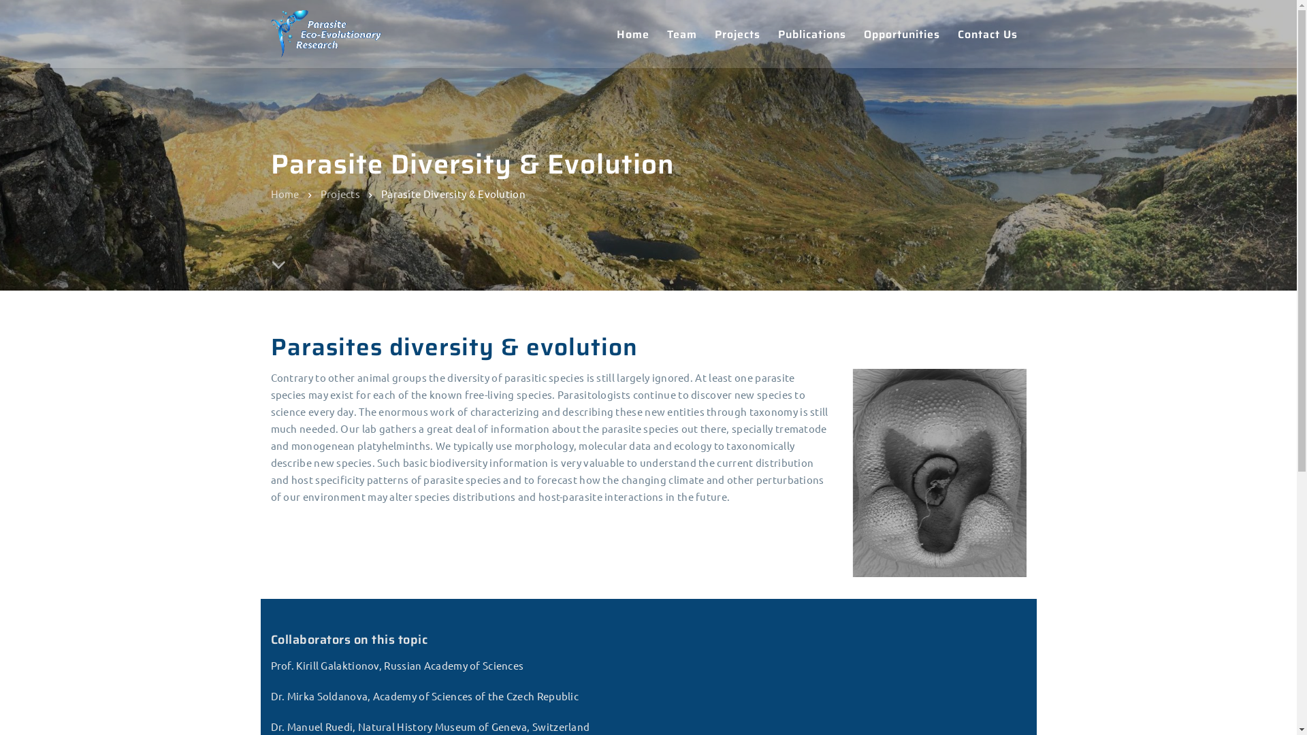  Describe the element at coordinates (567, 610) in the screenshot. I see `'Contact Us'` at that location.